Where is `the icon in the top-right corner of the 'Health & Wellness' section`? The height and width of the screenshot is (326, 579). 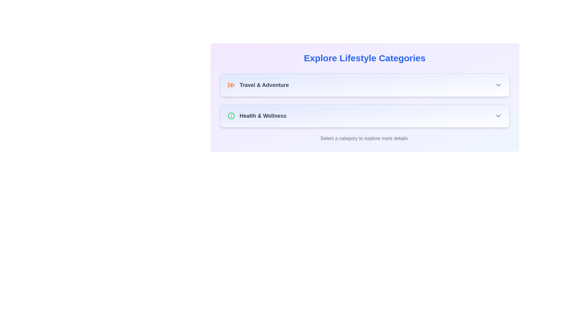
the icon in the top-right corner of the 'Health & Wellness' section is located at coordinates (498, 116).